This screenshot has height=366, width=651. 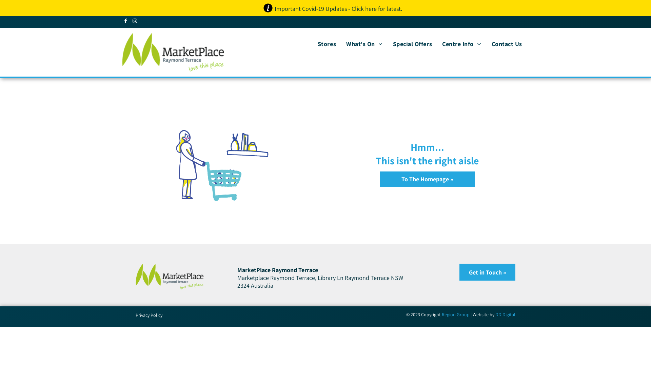 I want to click on '.', so click(x=400, y=8).